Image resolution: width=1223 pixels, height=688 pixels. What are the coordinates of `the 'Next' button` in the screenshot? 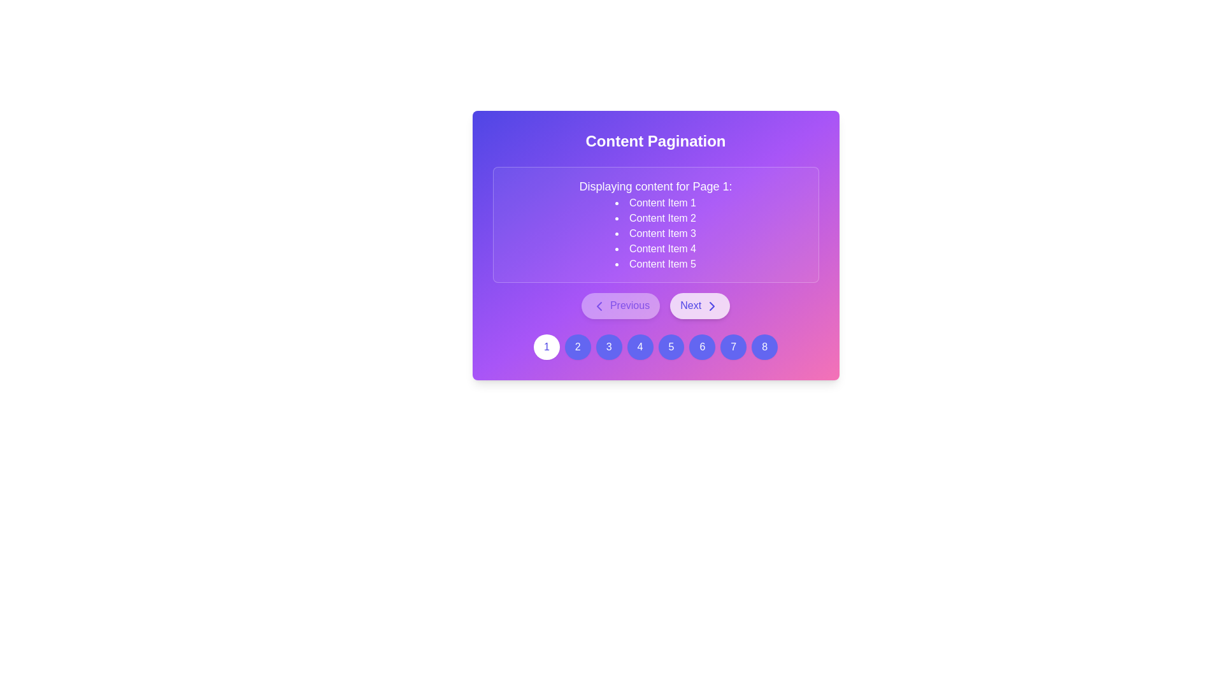 It's located at (699, 306).